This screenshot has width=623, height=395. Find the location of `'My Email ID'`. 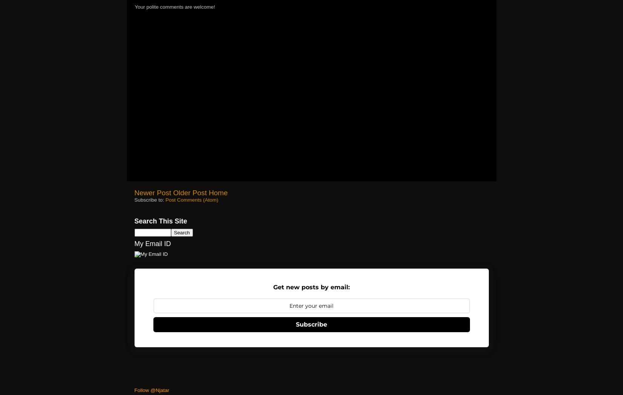

'My Email ID' is located at coordinates (152, 243).